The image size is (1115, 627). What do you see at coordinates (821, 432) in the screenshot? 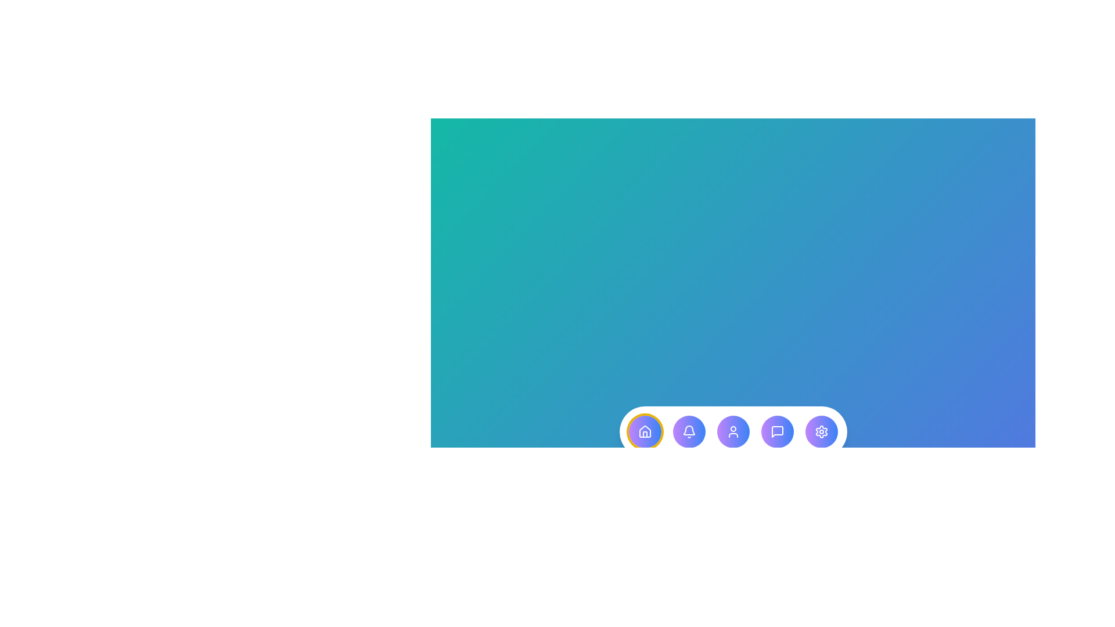
I see `the menu item corresponding to Settings` at bounding box center [821, 432].